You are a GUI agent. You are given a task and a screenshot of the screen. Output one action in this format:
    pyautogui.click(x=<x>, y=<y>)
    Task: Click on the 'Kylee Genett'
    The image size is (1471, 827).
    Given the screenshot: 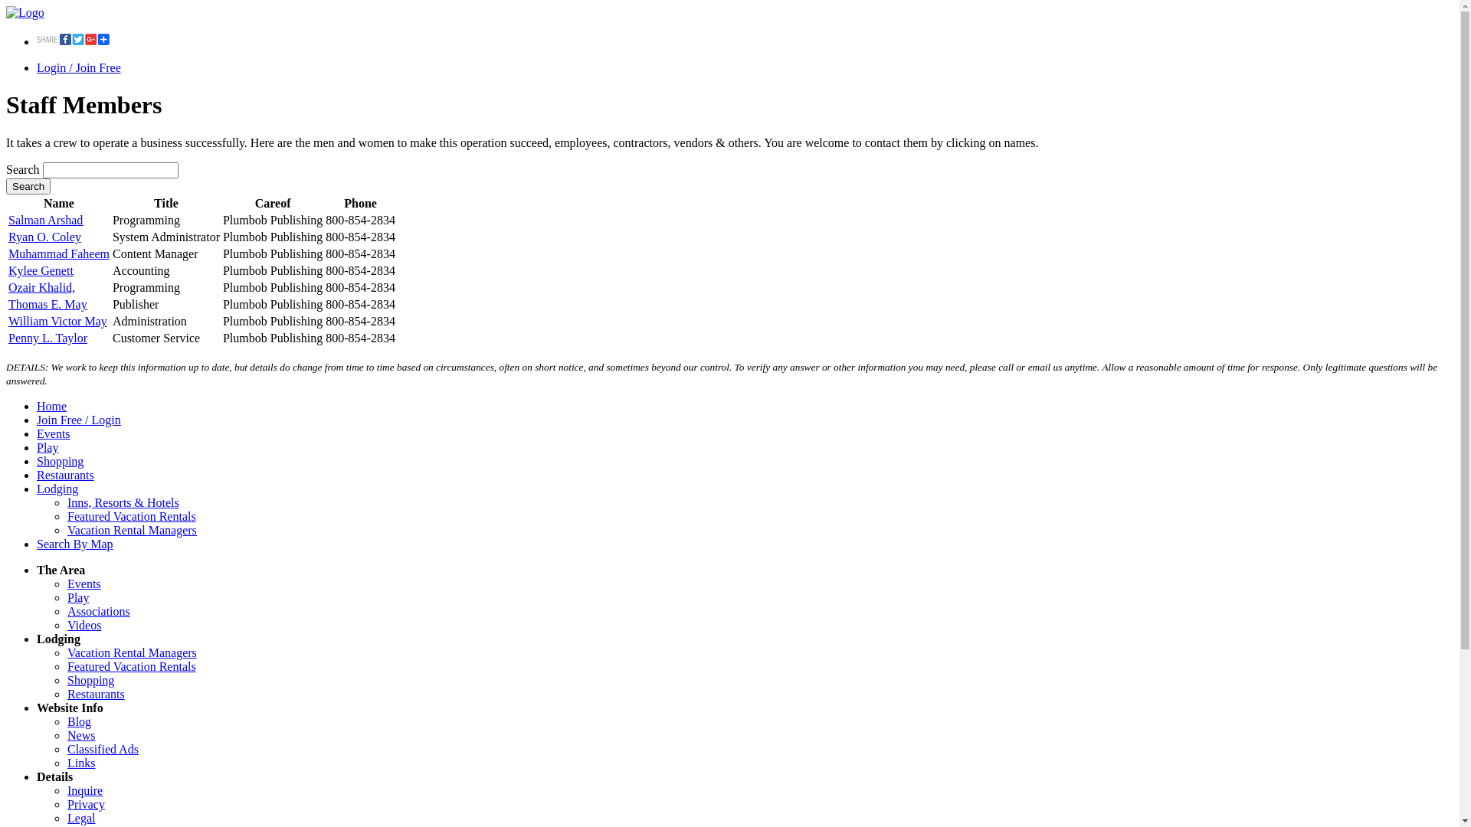 What is the action you would take?
    pyautogui.click(x=41, y=270)
    